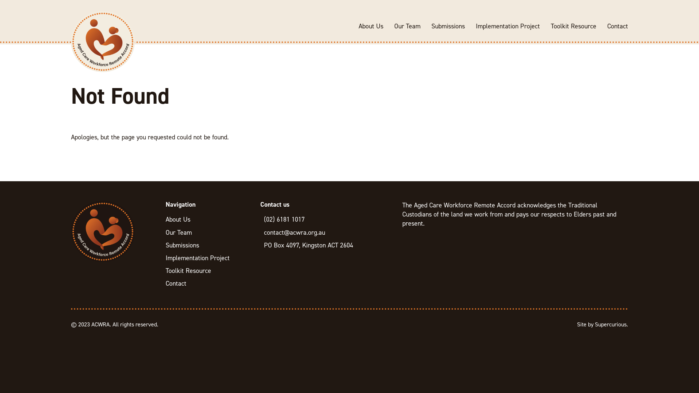 This screenshot has height=393, width=699. What do you see at coordinates (102, 231) in the screenshot?
I see `'ACWRA'` at bounding box center [102, 231].